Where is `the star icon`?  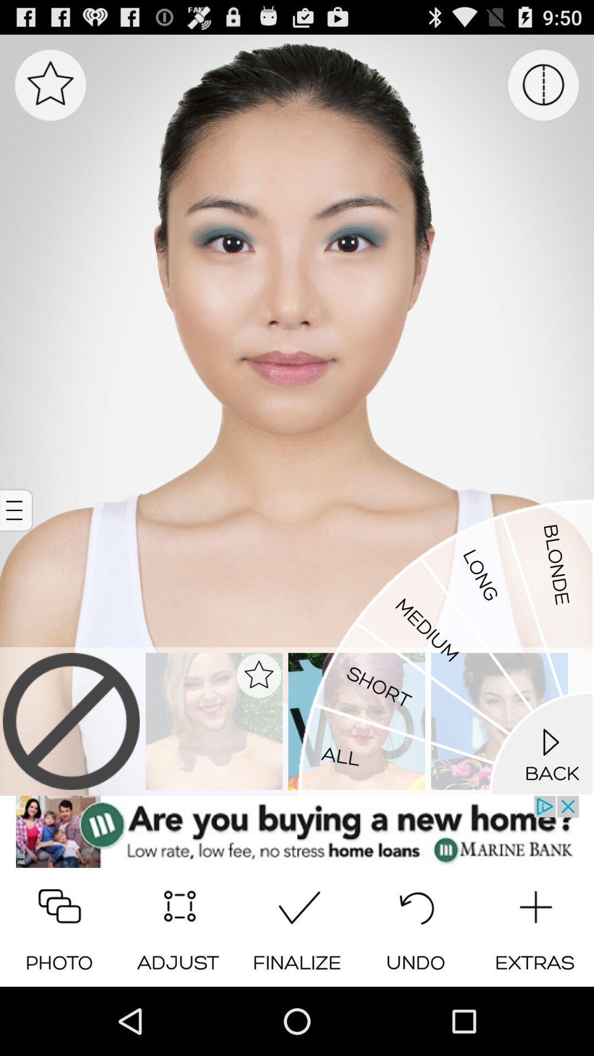
the star icon is located at coordinates (50, 91).